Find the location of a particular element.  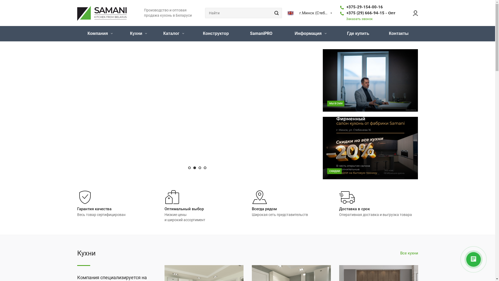

'3' is located at coordinates (198, 168).